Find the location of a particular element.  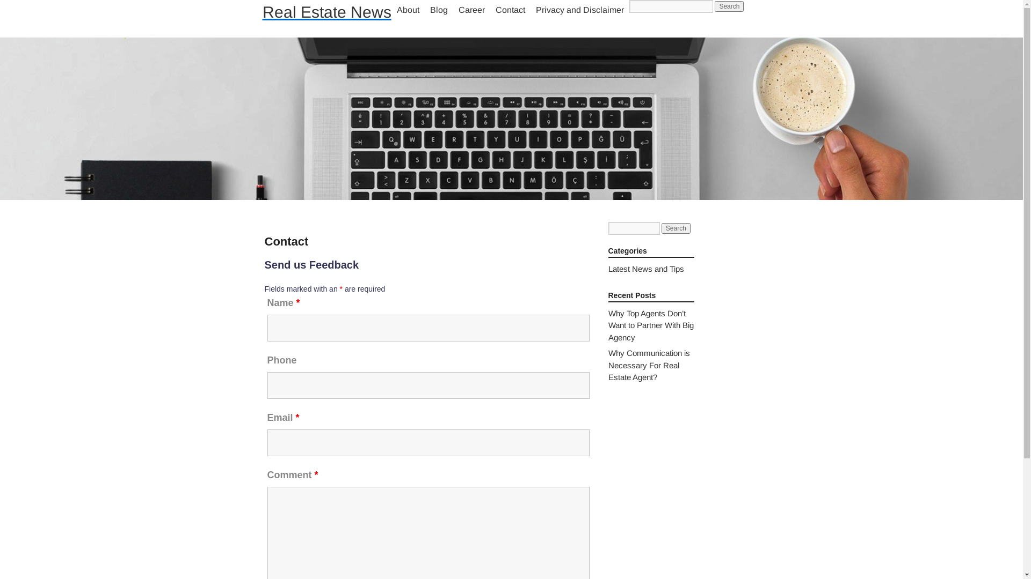

'Privacy and Disclaimer' is located at coordinates (579, 10).